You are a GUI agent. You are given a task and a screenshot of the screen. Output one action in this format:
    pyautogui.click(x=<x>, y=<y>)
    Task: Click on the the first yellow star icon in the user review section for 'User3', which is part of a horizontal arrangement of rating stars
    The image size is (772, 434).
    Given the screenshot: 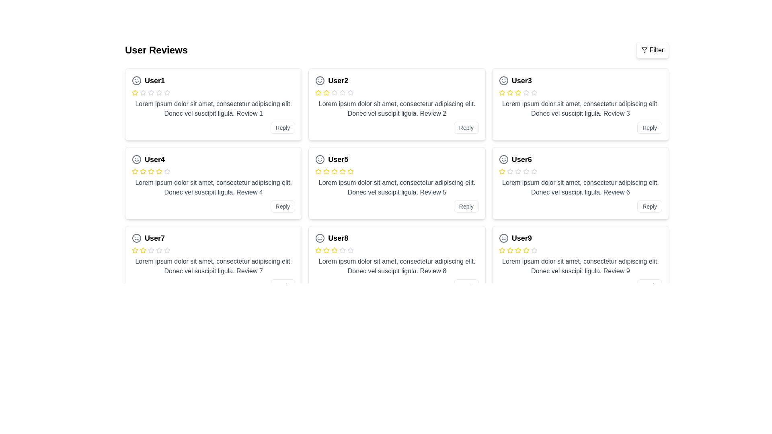 What is the action you would take?
    pyautogui.click(x=501, y=92)
    